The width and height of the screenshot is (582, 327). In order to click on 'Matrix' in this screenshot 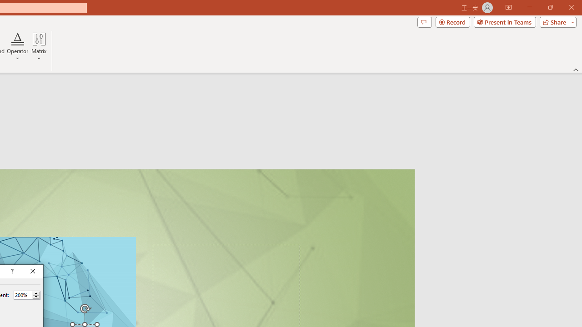, I will do `click(39, 47)`.